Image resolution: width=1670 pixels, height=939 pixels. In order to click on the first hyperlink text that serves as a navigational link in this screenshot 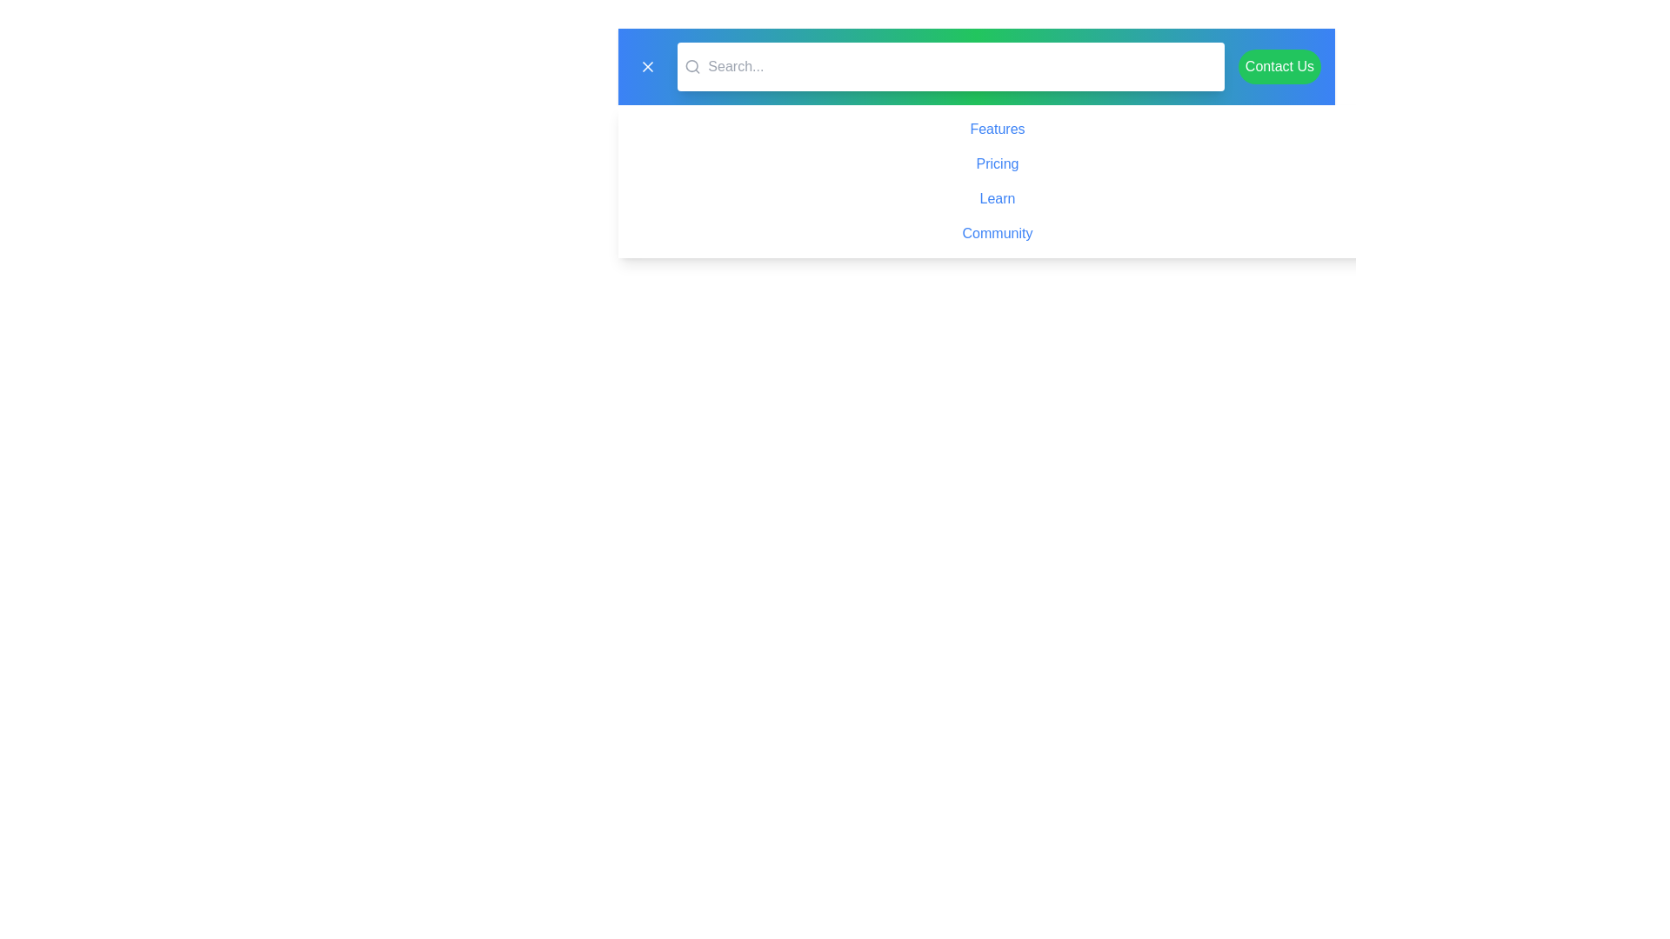, I will do `click(998, 129)`.